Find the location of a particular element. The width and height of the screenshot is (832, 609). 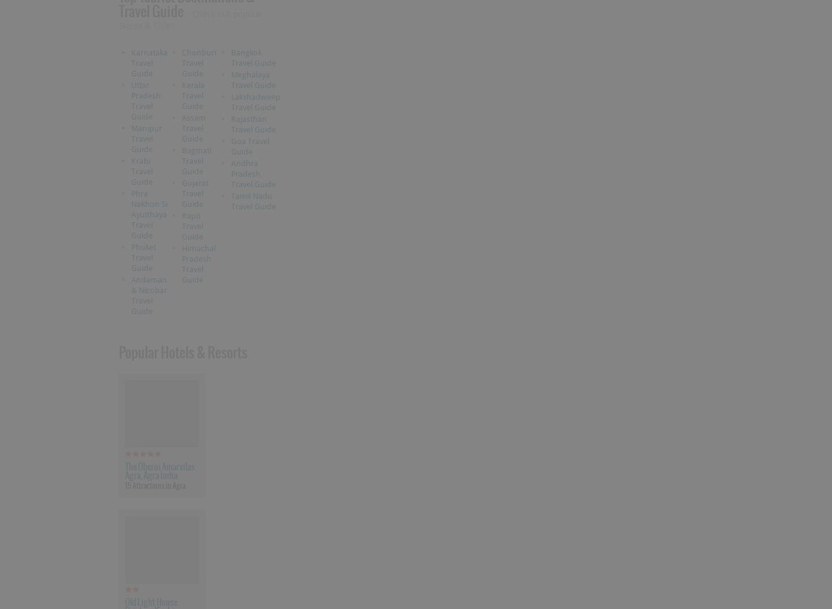

'Rajasthan Travel Guide' is located at coordinates (253, 123).